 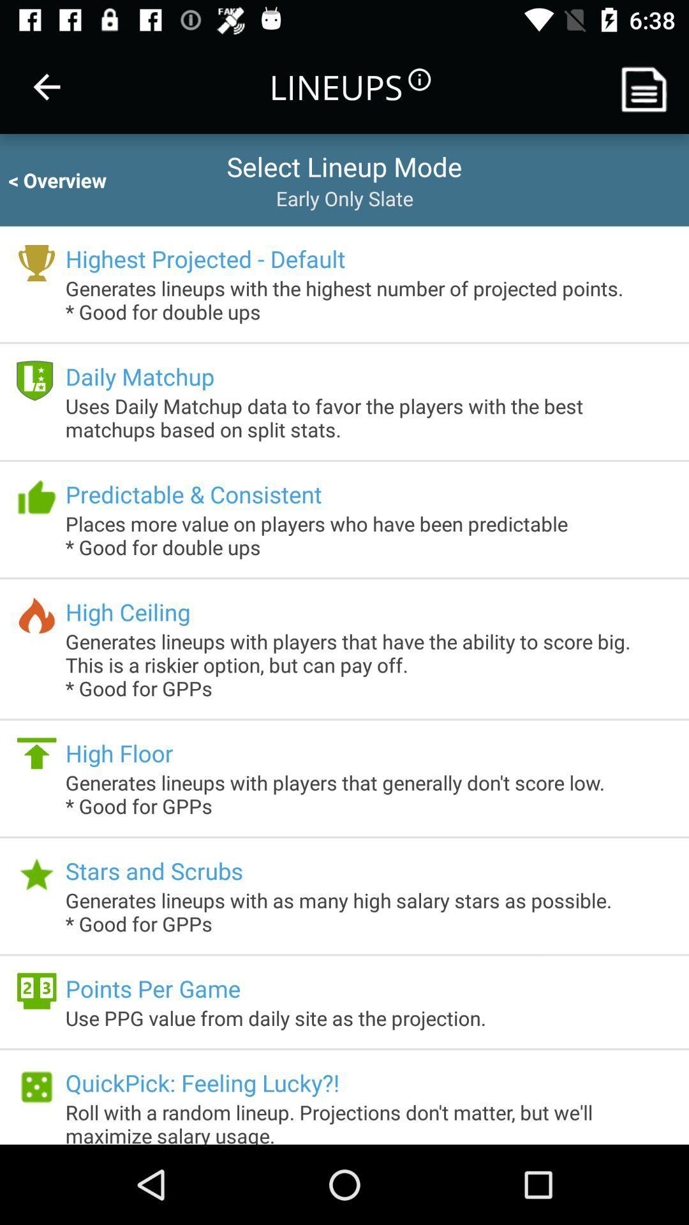 I want to click on the item next to the lineups item, so click(x=46, y=86).